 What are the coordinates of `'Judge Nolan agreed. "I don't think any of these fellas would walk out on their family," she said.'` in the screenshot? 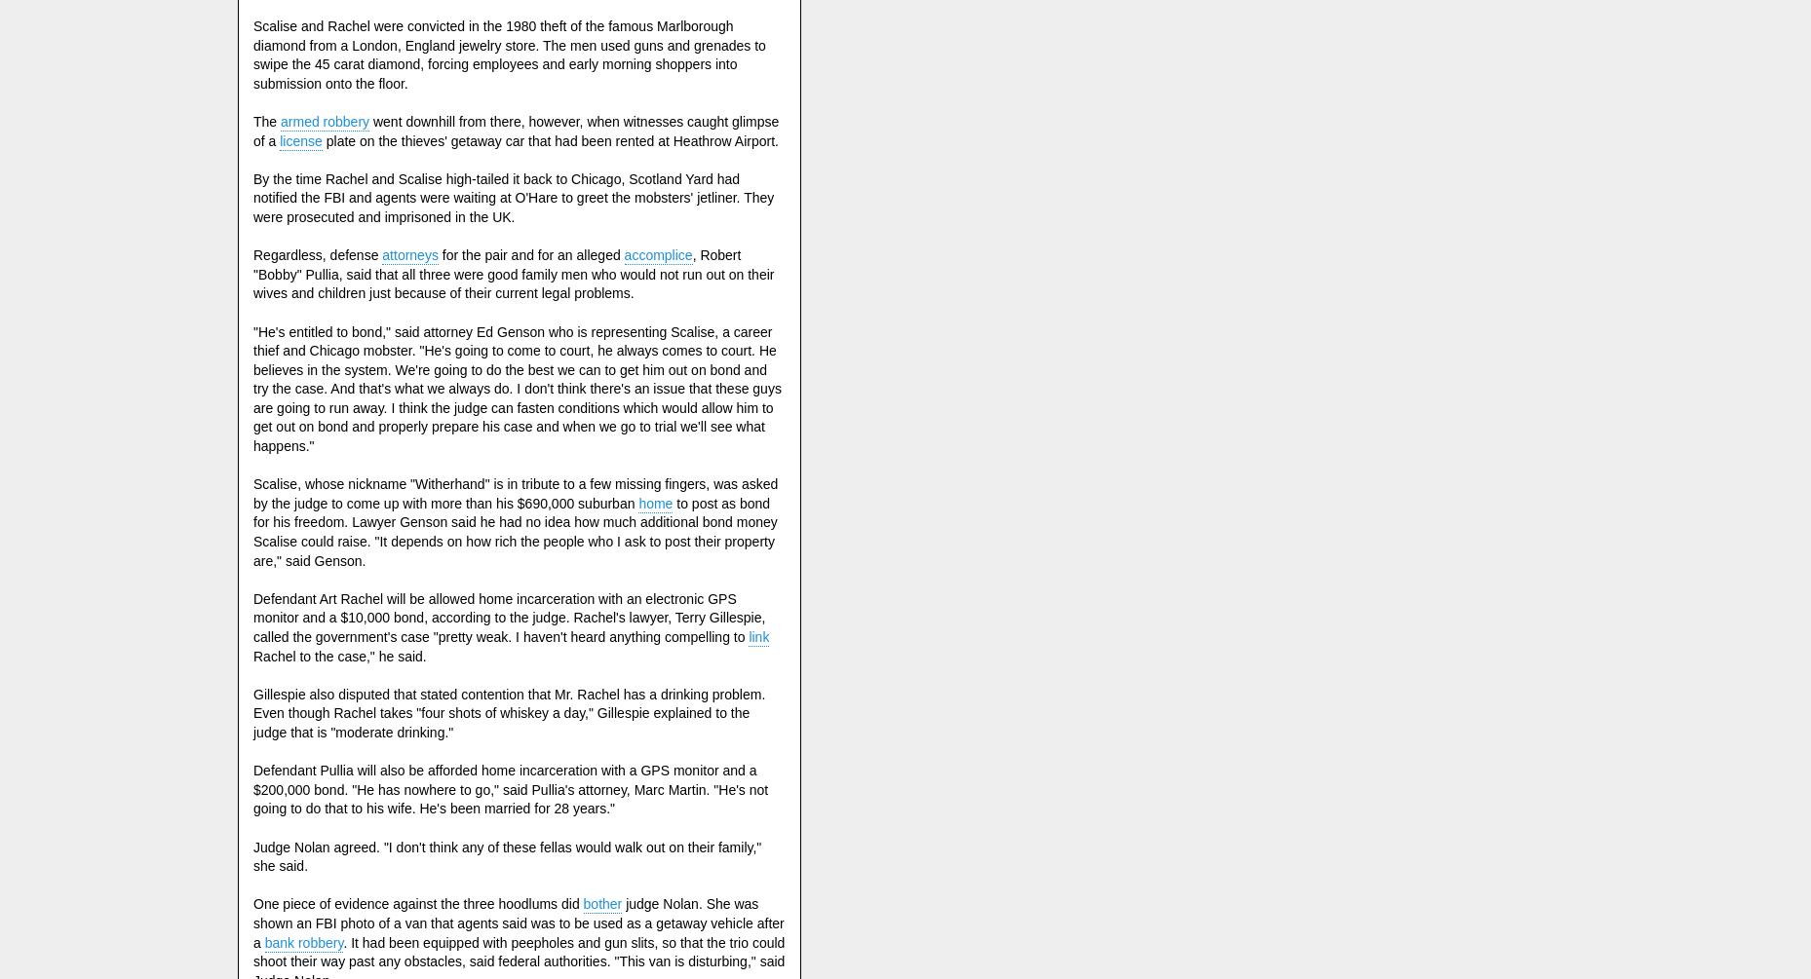 It's located at (507, 854).